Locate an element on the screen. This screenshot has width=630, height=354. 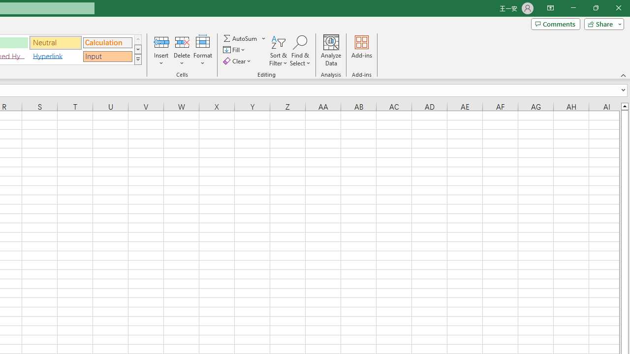
'Neutral' is located at coordinates (55, 42).